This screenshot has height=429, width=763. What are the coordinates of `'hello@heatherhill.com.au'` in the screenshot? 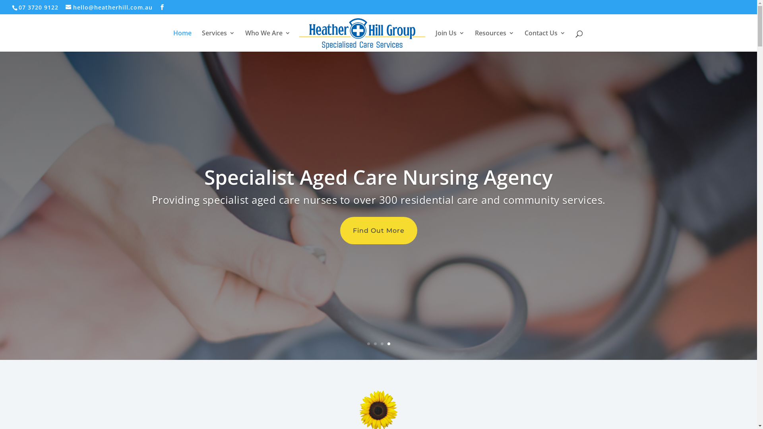 It's located at (108, 7).